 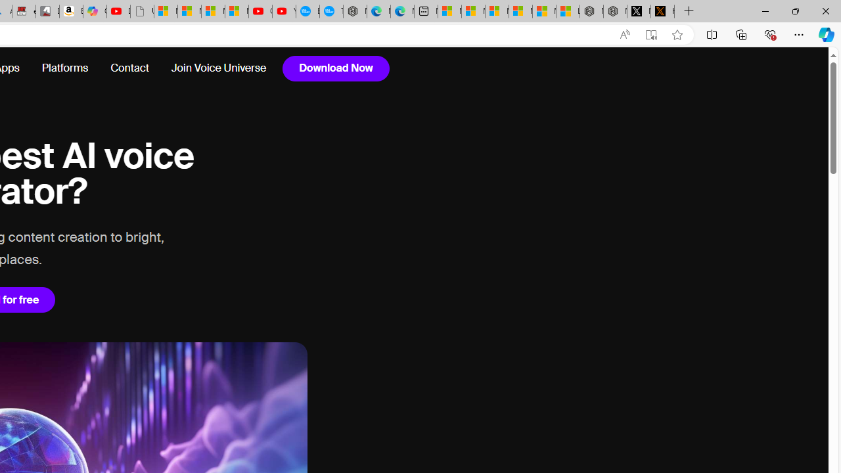 I want to click on 'help.x.com | 524: A timeout occurred', so click(x=662, y=11).